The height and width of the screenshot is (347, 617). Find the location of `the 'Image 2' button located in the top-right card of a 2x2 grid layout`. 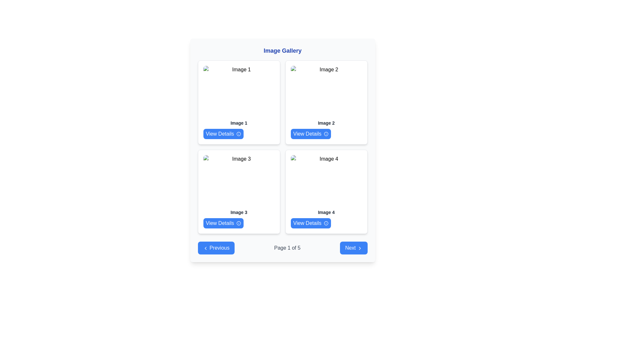

the 'Image 2' button located in the top-right card of a 2x2 grid layout is located at coordinates (311, 133).